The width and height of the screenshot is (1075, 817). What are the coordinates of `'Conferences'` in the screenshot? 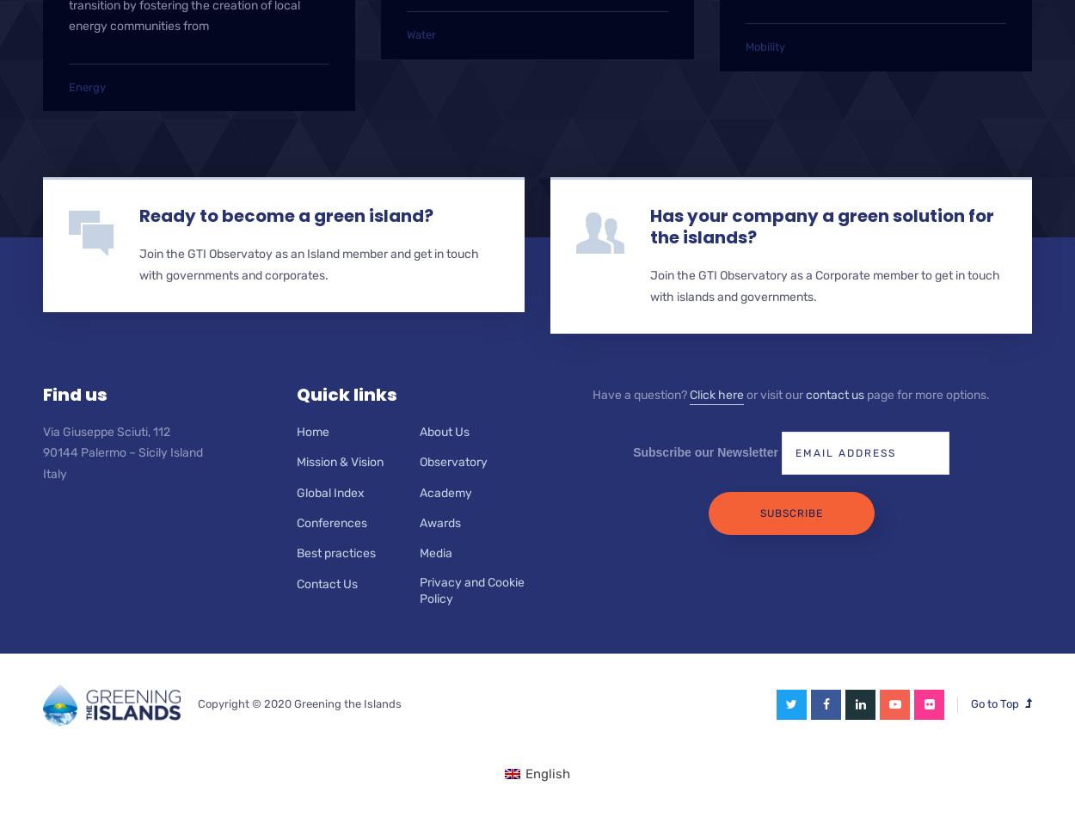 It's located at (332, 523).